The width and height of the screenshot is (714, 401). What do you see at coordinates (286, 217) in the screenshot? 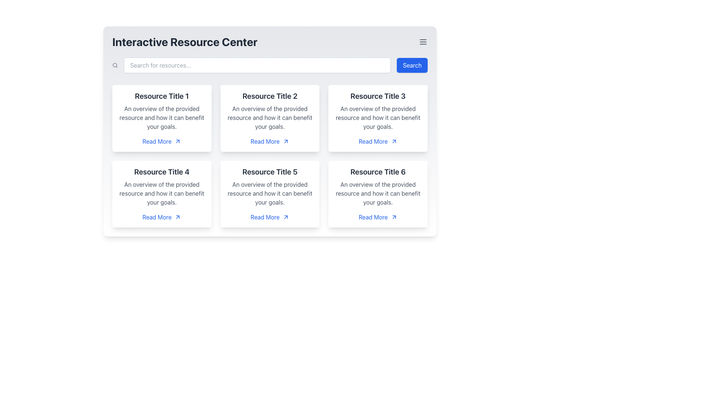
I see `the upward-right arrow icon indicating external navigation located to the right of the 'Read More' text in the fifth card of the grid layout` at bounding box center [286, 217].